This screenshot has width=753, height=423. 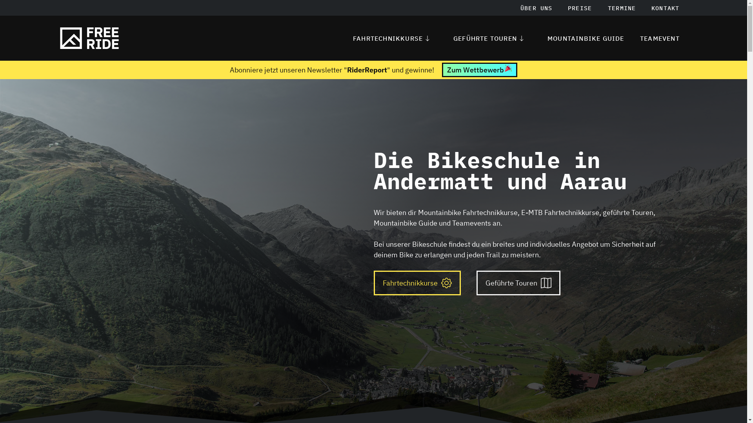 What do you see at coordinates (644, 7) in the screenshot?
I see `'KONTAKT'` at bounding box center [644, 7].